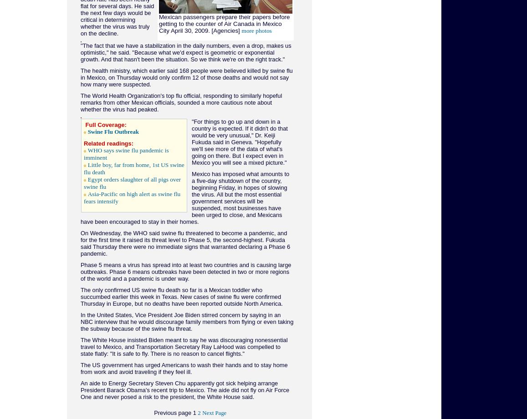  I want to click on '2', so click(198, 413).